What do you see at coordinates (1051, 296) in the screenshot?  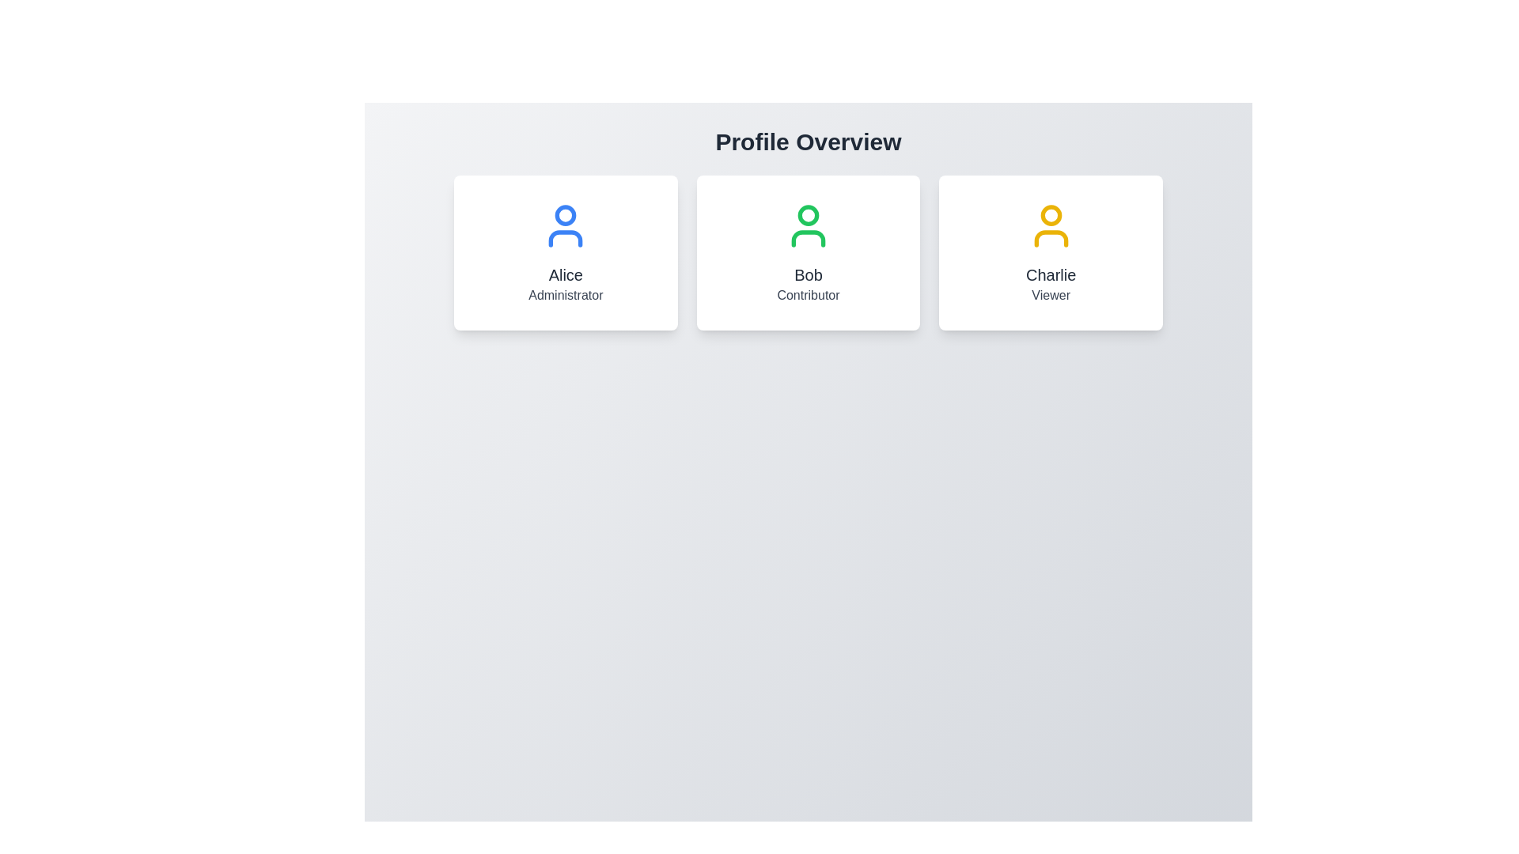 I see `informational label located at the bottom of the profile card labeled 'Charlie', which provides auxiliary details about the profile` at bounding box center [1051, 296].